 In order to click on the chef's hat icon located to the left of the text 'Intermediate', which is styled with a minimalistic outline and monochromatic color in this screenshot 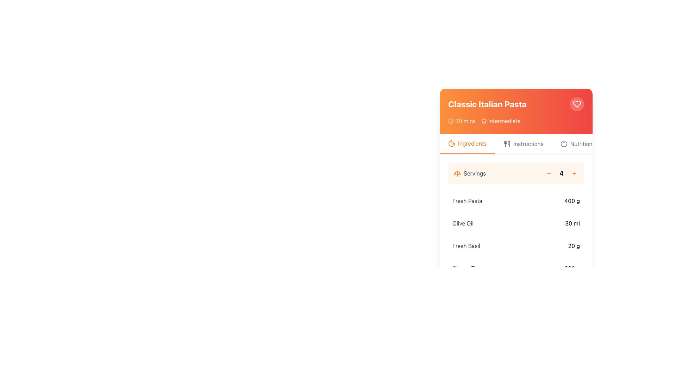, I will do `click(484, 120)`.